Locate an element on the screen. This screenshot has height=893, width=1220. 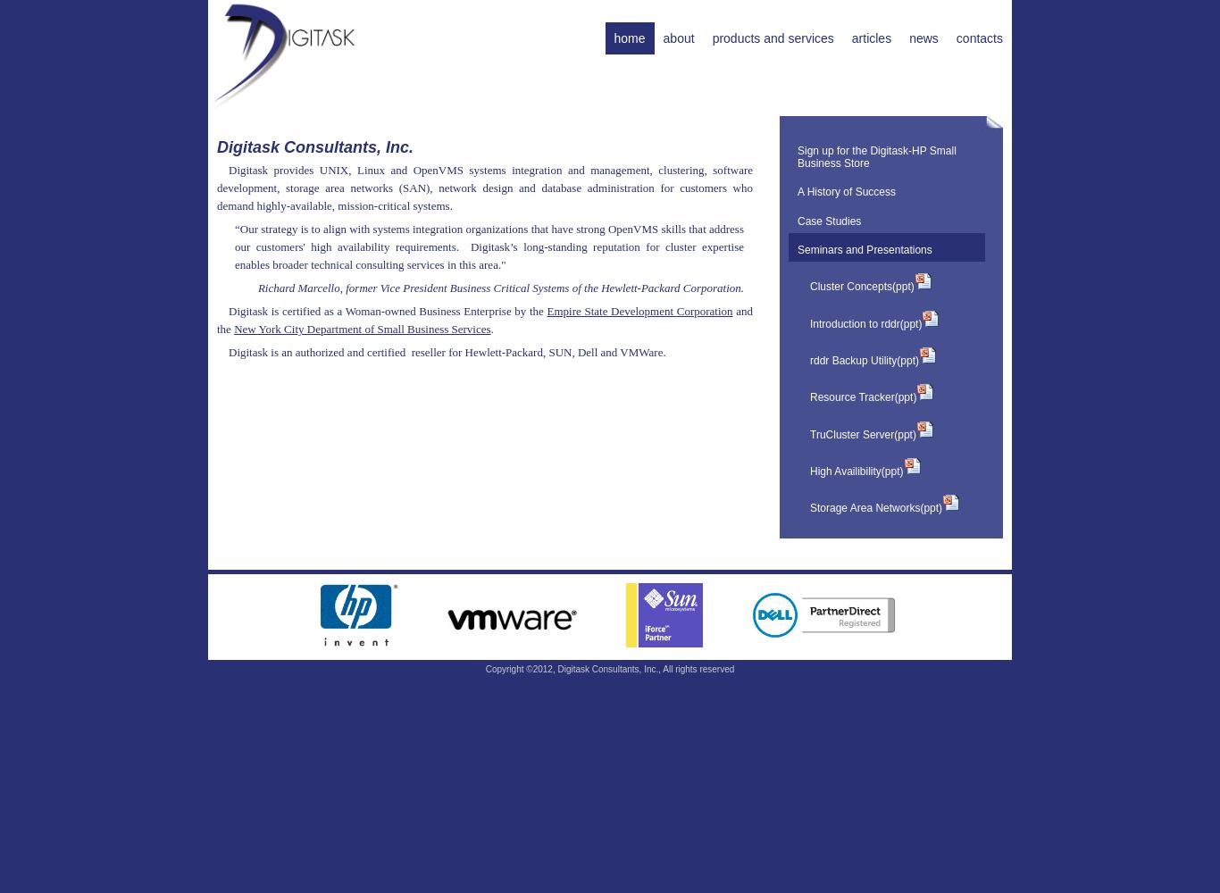
'and the' is located at coordinates (484, 318).